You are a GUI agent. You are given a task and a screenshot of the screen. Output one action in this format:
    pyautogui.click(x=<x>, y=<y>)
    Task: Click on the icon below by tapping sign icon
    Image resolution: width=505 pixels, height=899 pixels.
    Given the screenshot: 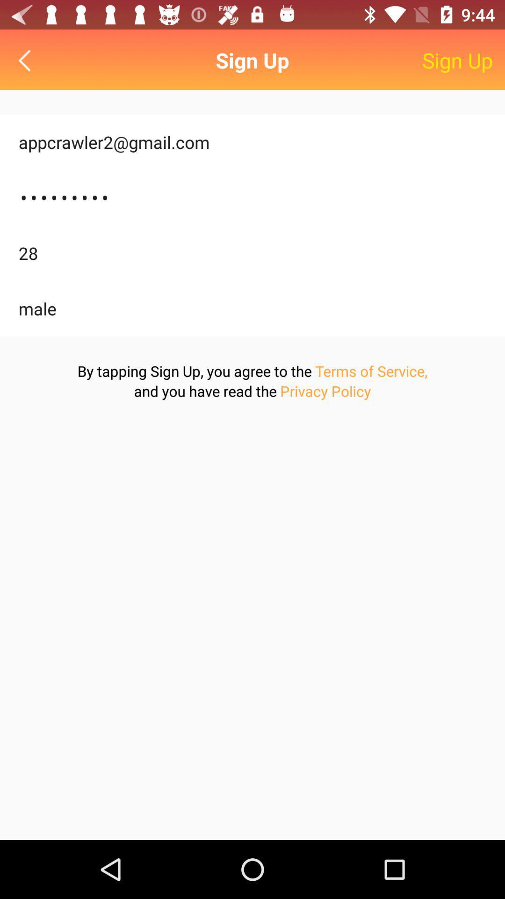 What is the action you would take?
    pyautogui.click(x=325, y=391)
    